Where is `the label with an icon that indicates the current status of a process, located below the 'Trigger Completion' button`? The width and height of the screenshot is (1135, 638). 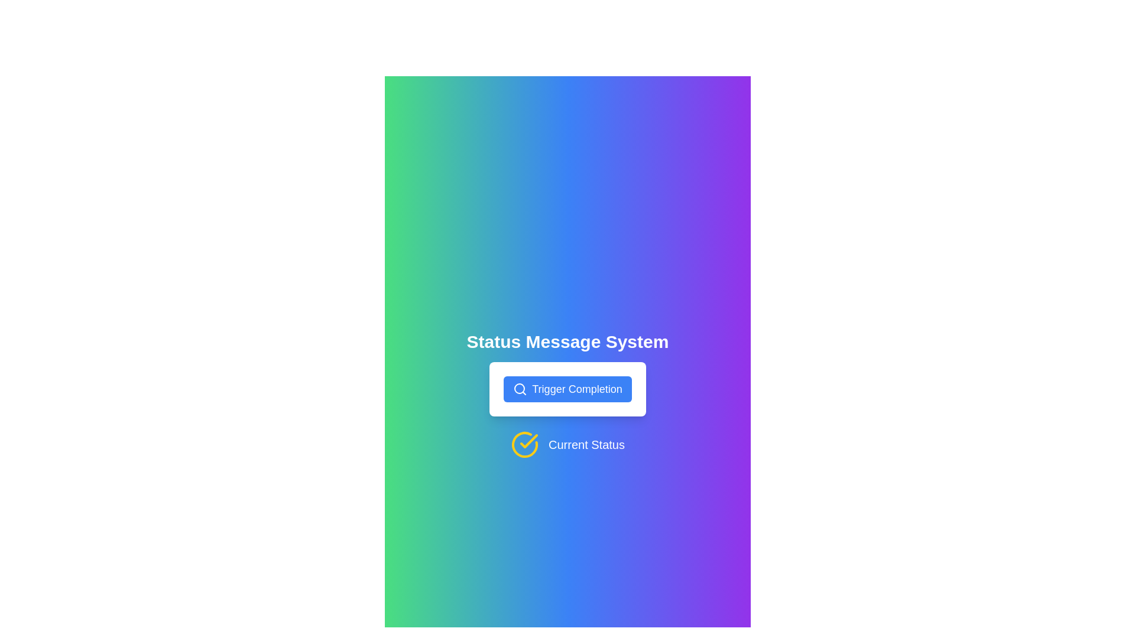 the label with an icon that indicates the current status of a process, located below the 'Trigger Completion' button is located at coordinates (567, 444).